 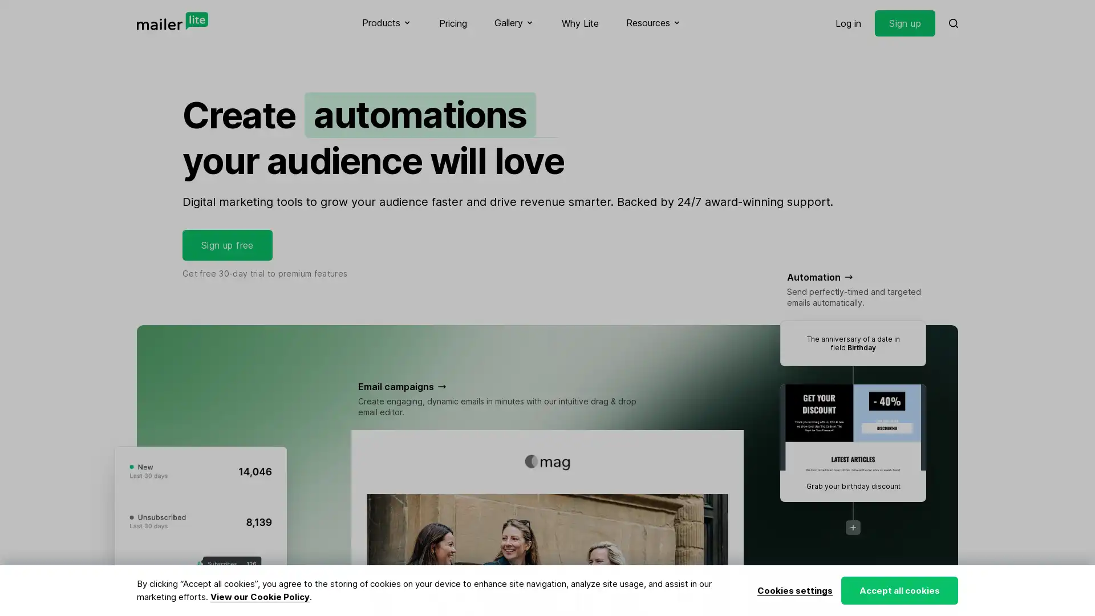 I want to click on Cookies settings, so click(x=794, y=590).